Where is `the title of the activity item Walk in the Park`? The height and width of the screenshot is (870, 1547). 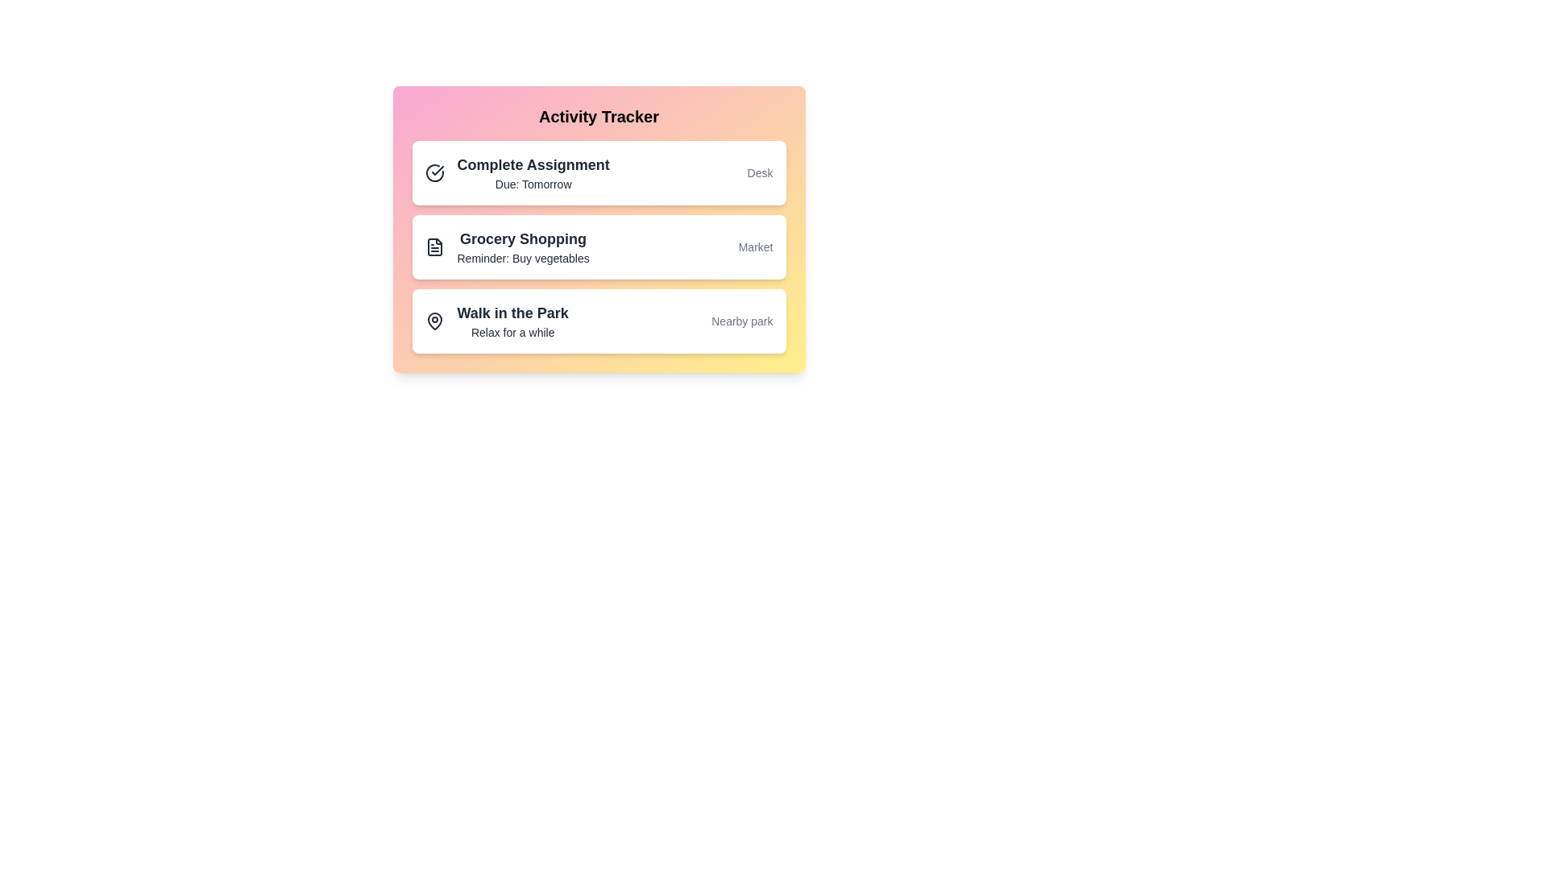
the title of the activity item Walk in the Park is located at coordinates (512, 313).